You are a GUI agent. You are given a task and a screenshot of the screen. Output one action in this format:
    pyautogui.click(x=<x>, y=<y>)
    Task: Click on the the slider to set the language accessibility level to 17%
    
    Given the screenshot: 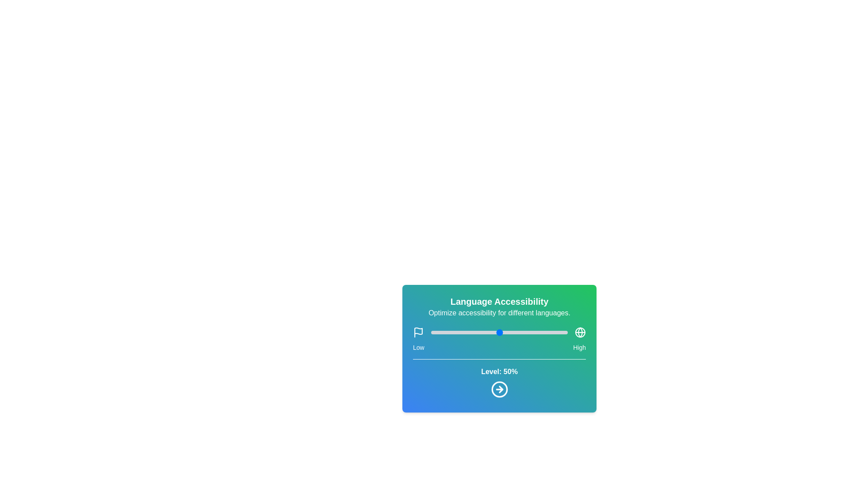 What is the action you would take?
    pyautogui.click(x=454, y=332)
    